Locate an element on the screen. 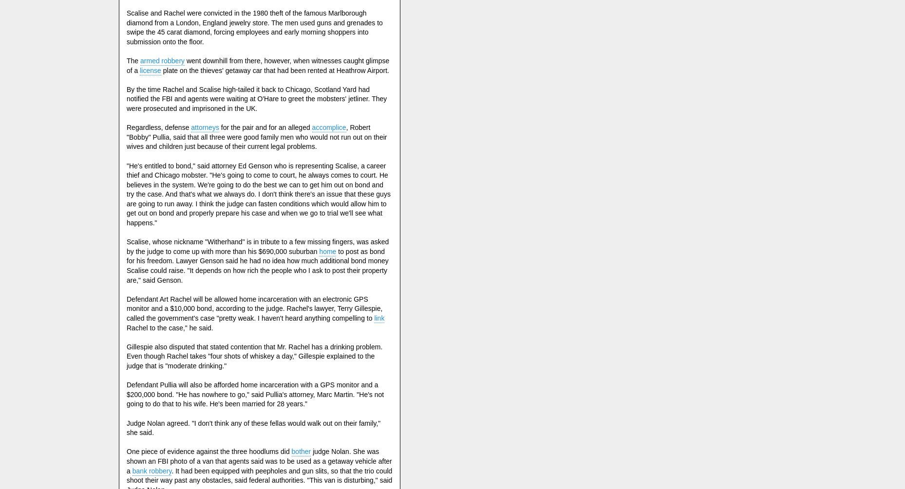 Image resolution: width=905 pixels, height=489 pixels. 'Rachel to the case," he said.' is located at coordinates (170, 327).